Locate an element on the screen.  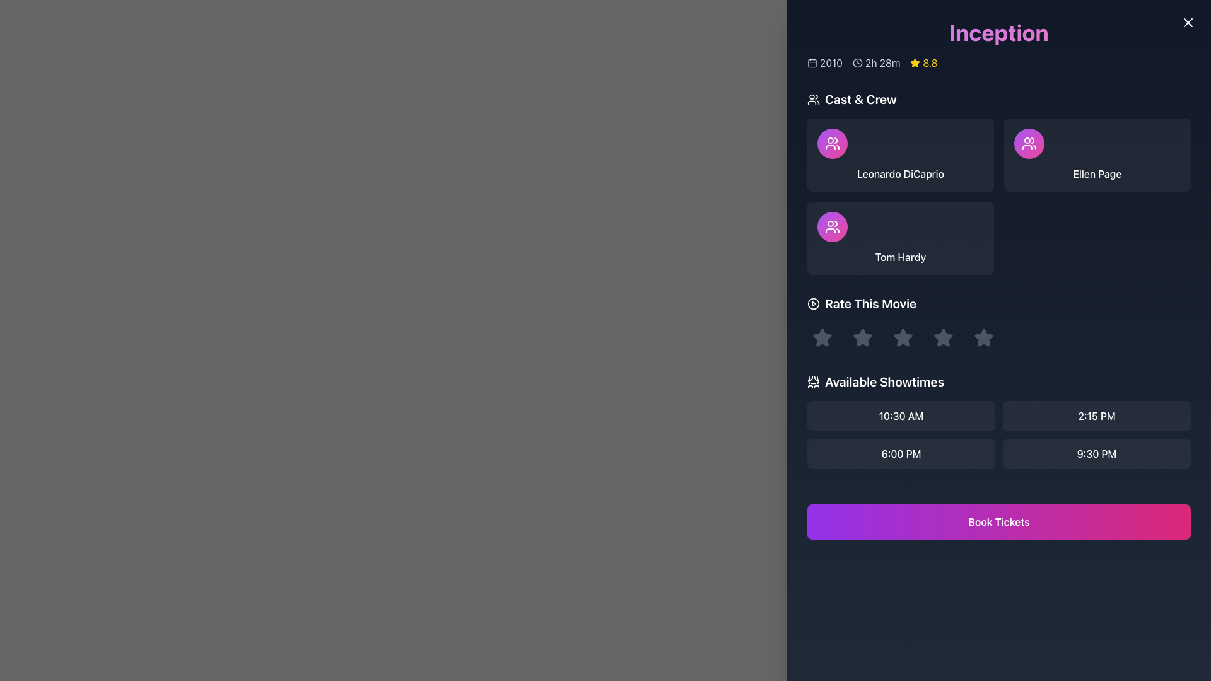
the prominent rectangular Icon element located at the top left of the movie details panel, which is part of a decorative calendar icon is located at coordinates (812, 63).